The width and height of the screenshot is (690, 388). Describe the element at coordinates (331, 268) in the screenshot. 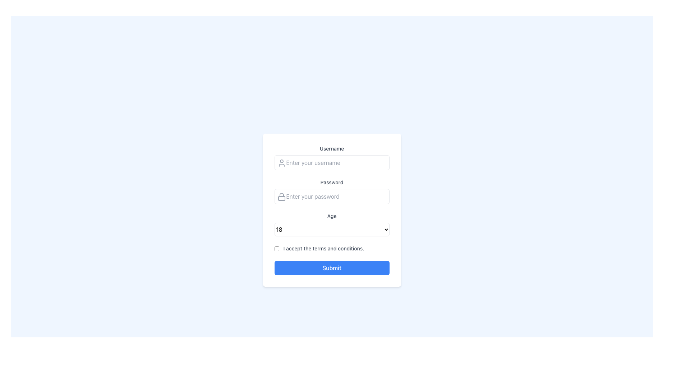

I see `the submission button located at the bottom section of the centered card-style form interface` at that location.